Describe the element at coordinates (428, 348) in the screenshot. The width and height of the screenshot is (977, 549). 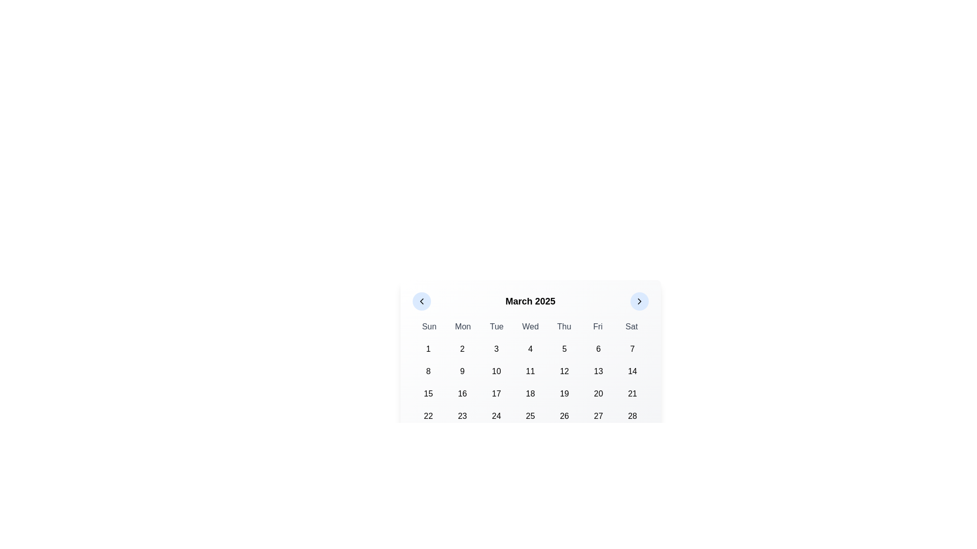
I see `the first button in the calendar grid located under the 'Sun' header` at that location.